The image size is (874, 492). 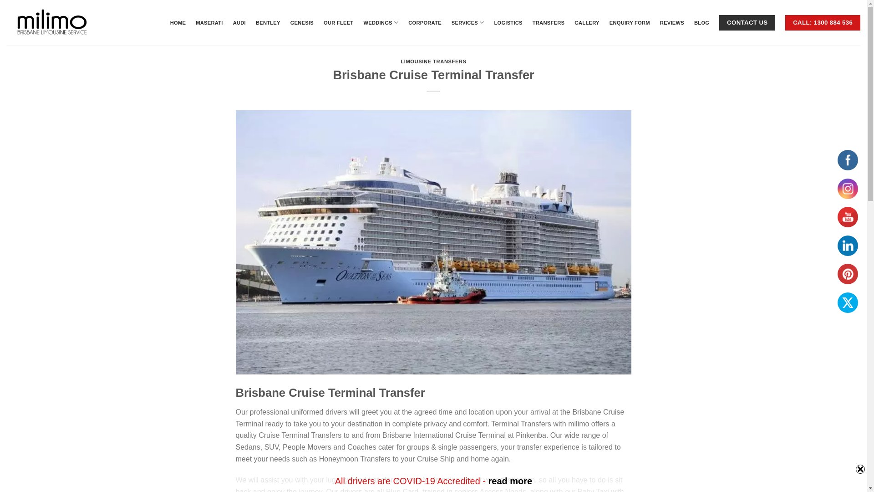 What do you see at coordinates (208, 22) in the screenshot?
I see `'MASERATI'` at bounding box center [208, 22].